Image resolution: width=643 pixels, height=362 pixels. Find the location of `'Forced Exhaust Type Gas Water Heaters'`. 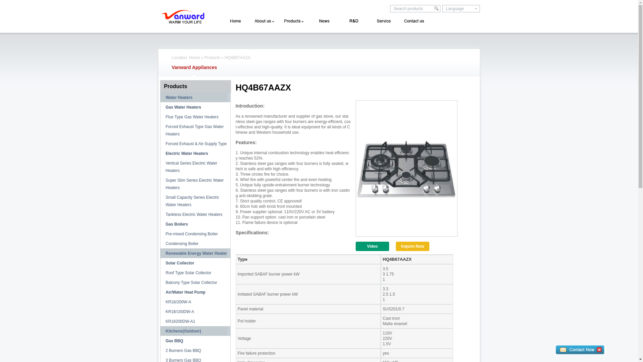

'Forced Exhaust Type Gas Water Heaters' is located at coordinates (195, 130).